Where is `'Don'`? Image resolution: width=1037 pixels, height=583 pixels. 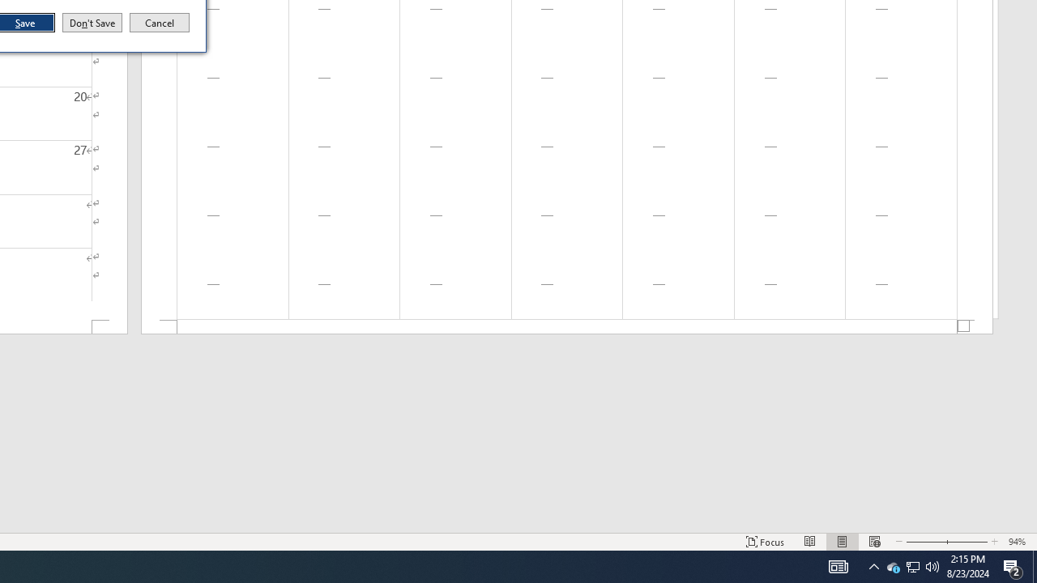 'Don' is located at coordinates (91, 23).